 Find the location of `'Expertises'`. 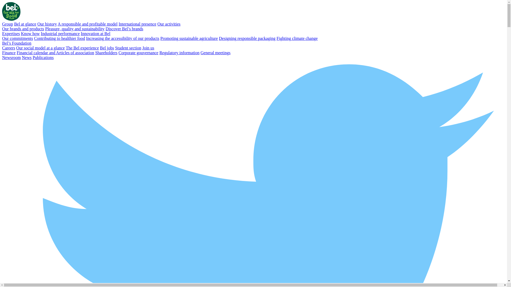

'Expertises' is located at coordinates (11, 33).